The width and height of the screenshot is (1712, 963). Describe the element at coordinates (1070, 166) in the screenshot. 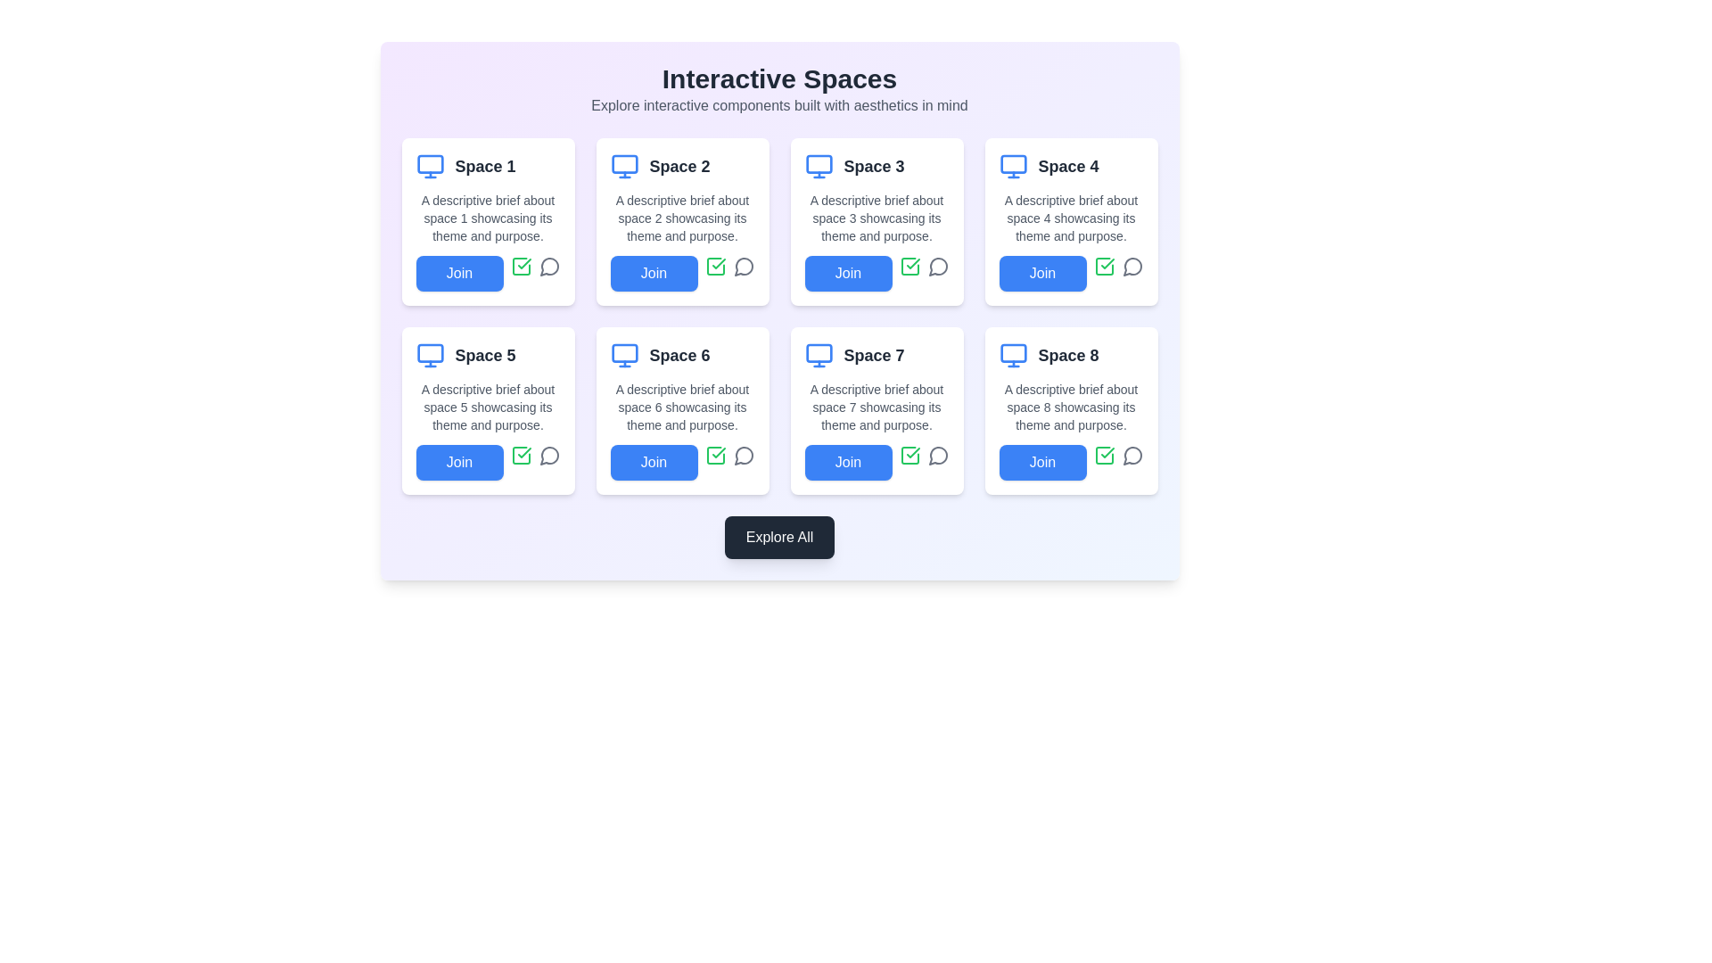

I see `the Header element titled 'Space 4' with a blue computer icon, located in the fourth card of the top row, second column of the matrix` at that location.